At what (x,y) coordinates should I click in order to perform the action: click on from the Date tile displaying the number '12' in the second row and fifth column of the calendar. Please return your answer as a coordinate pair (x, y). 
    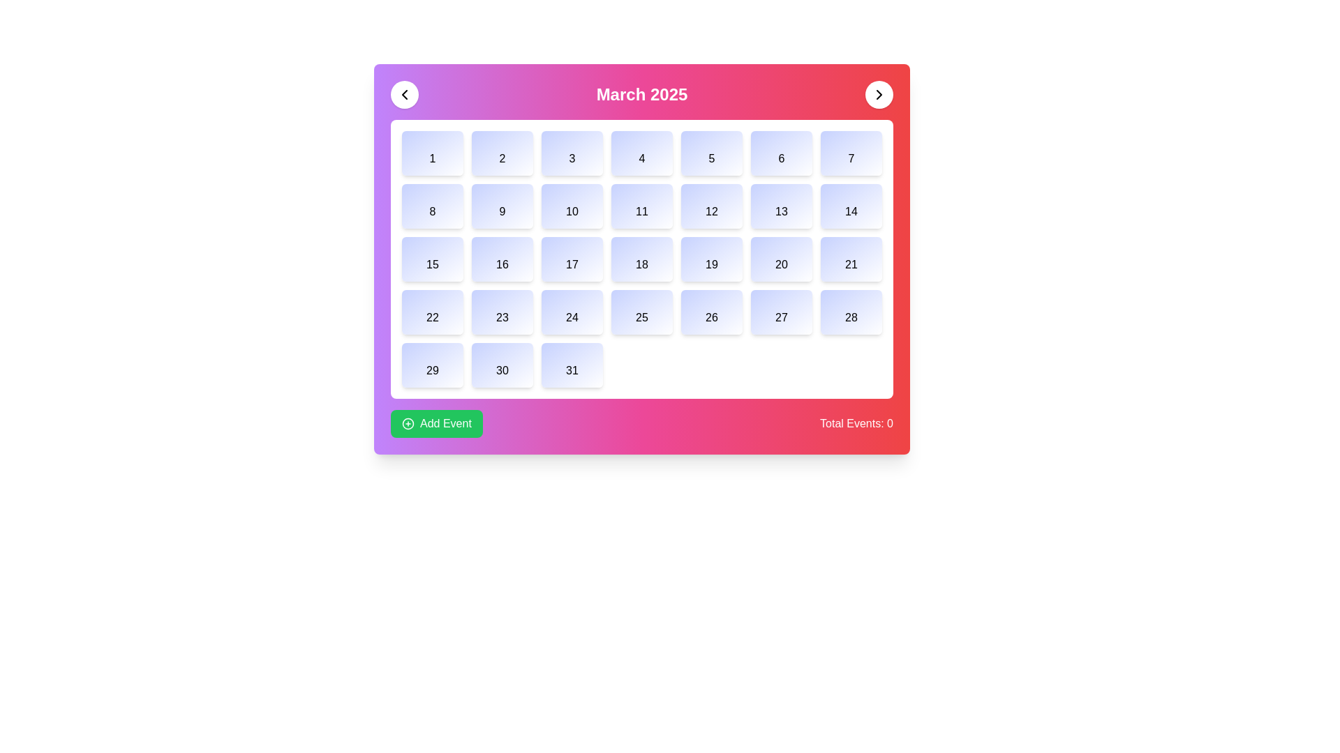
    Looking at the image, I should click on (711, 206).